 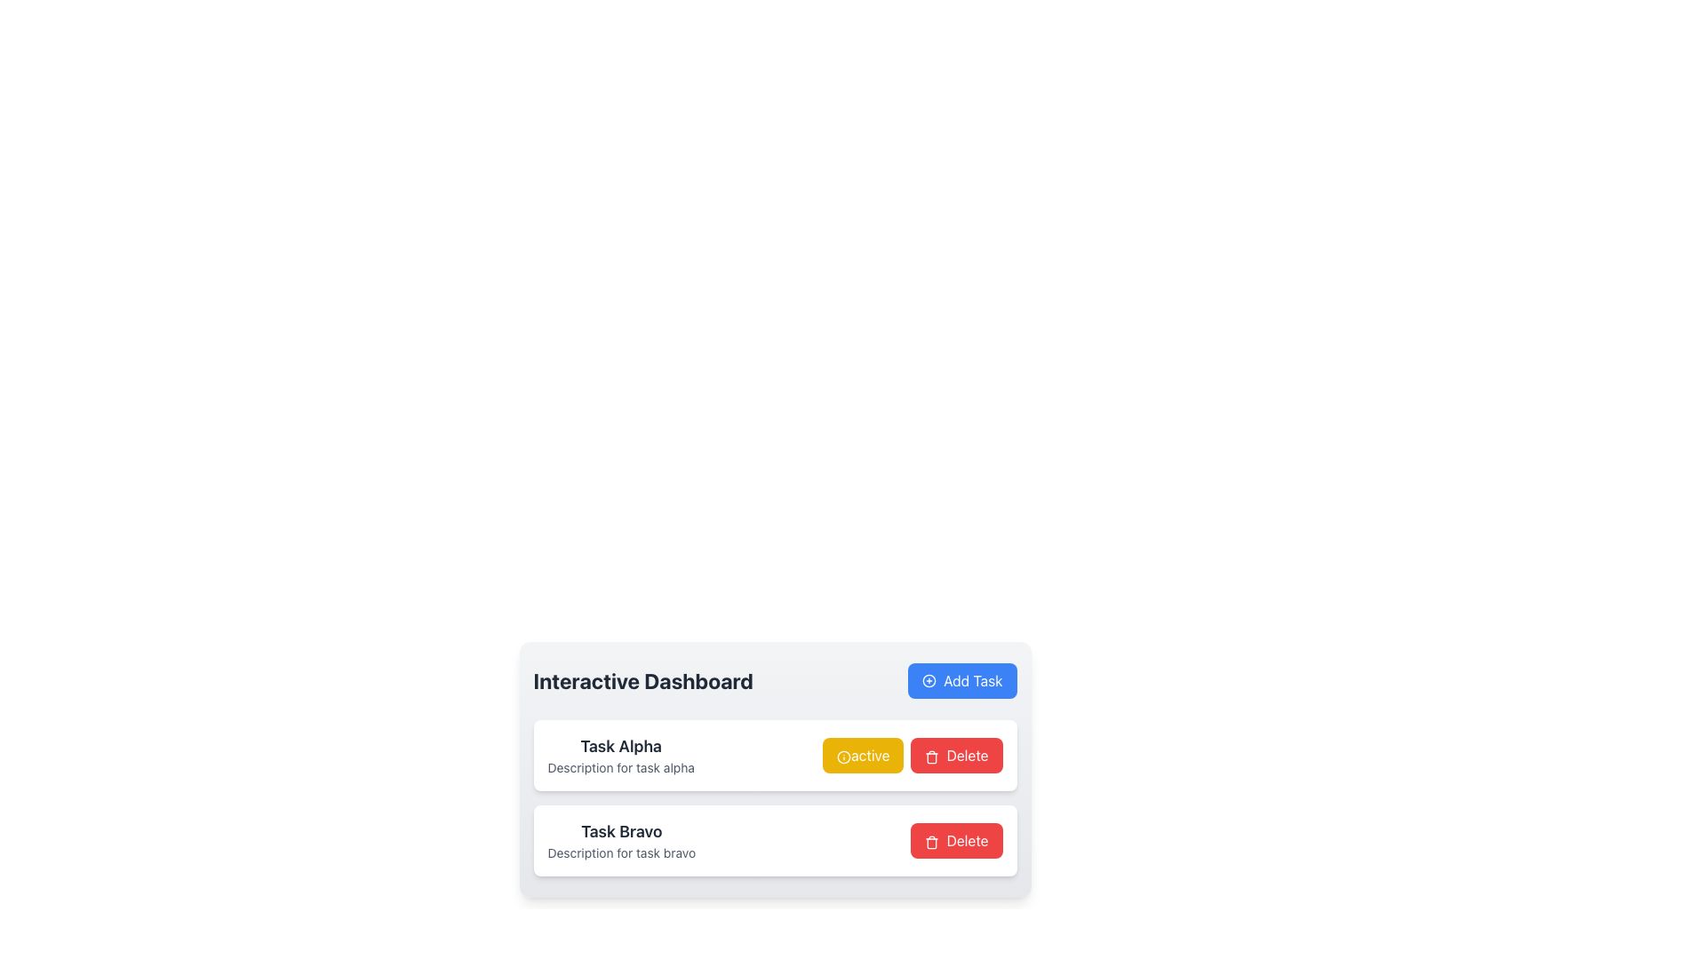 I want to click on the delete icon, which is part of a red rectangular button labeled 'Delete', so click(x=931, y=841).